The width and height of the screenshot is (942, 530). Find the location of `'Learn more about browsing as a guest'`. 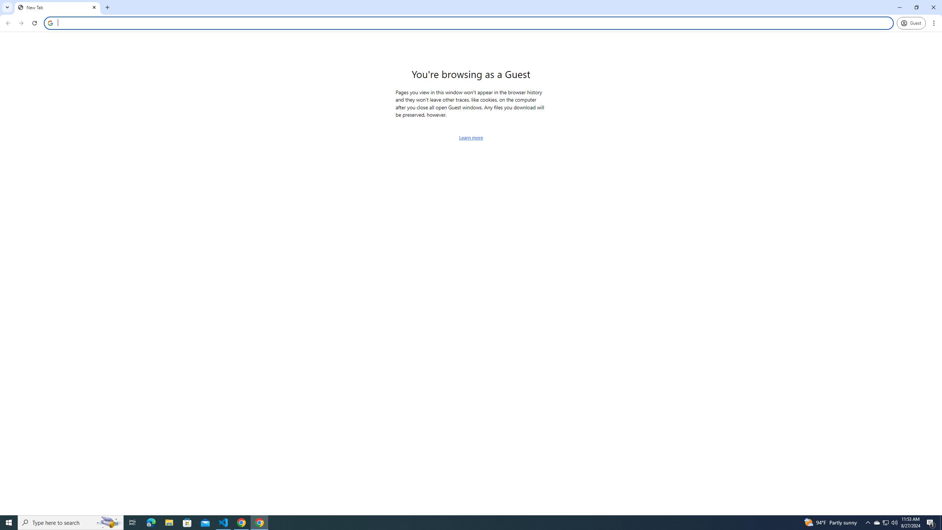

'Learn more about browsing as a guest' is located at coordinates (471, 137).